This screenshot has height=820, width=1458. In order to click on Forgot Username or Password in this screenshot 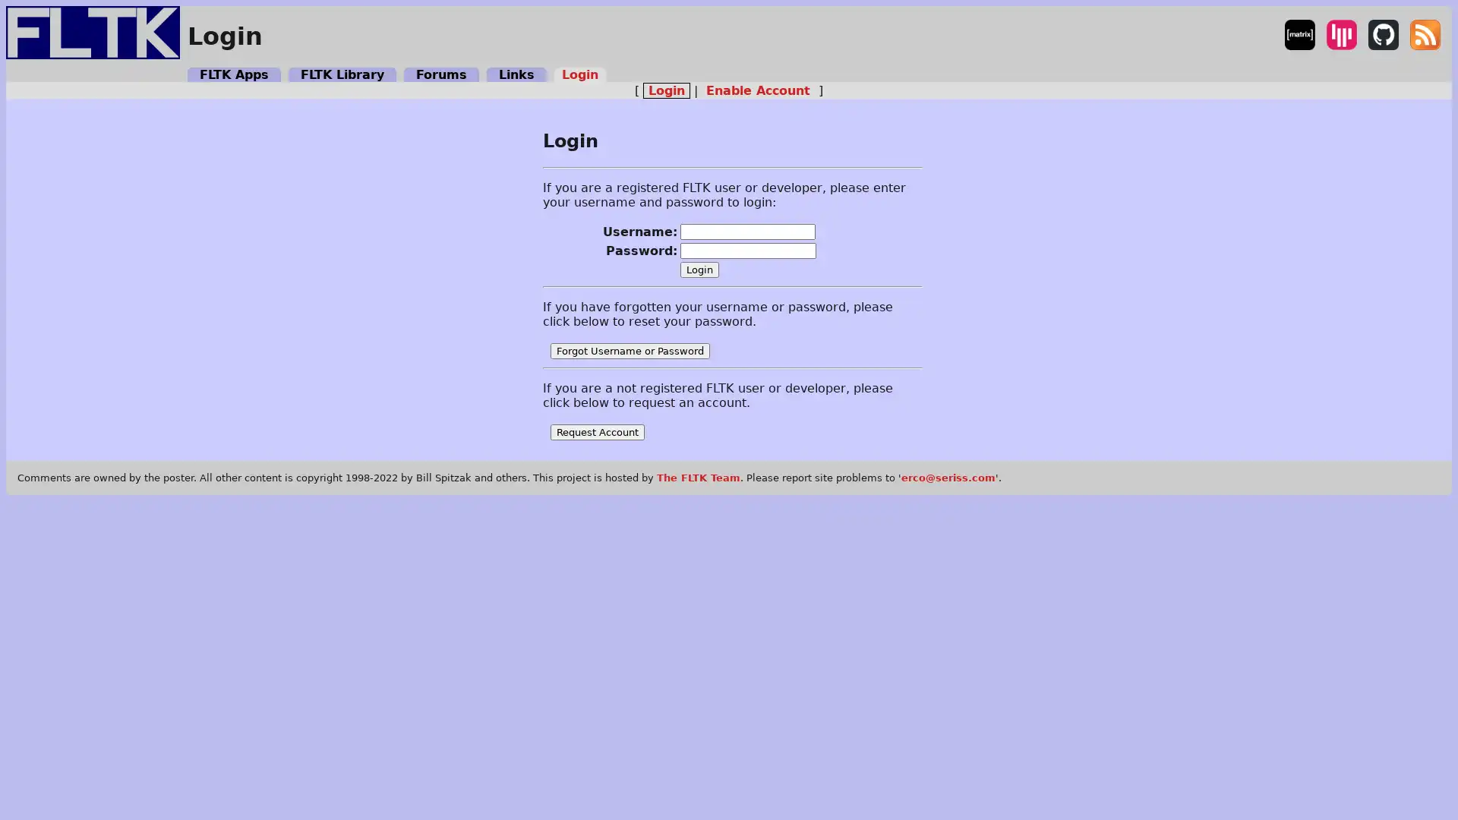, I will do `click(630, 350)`.